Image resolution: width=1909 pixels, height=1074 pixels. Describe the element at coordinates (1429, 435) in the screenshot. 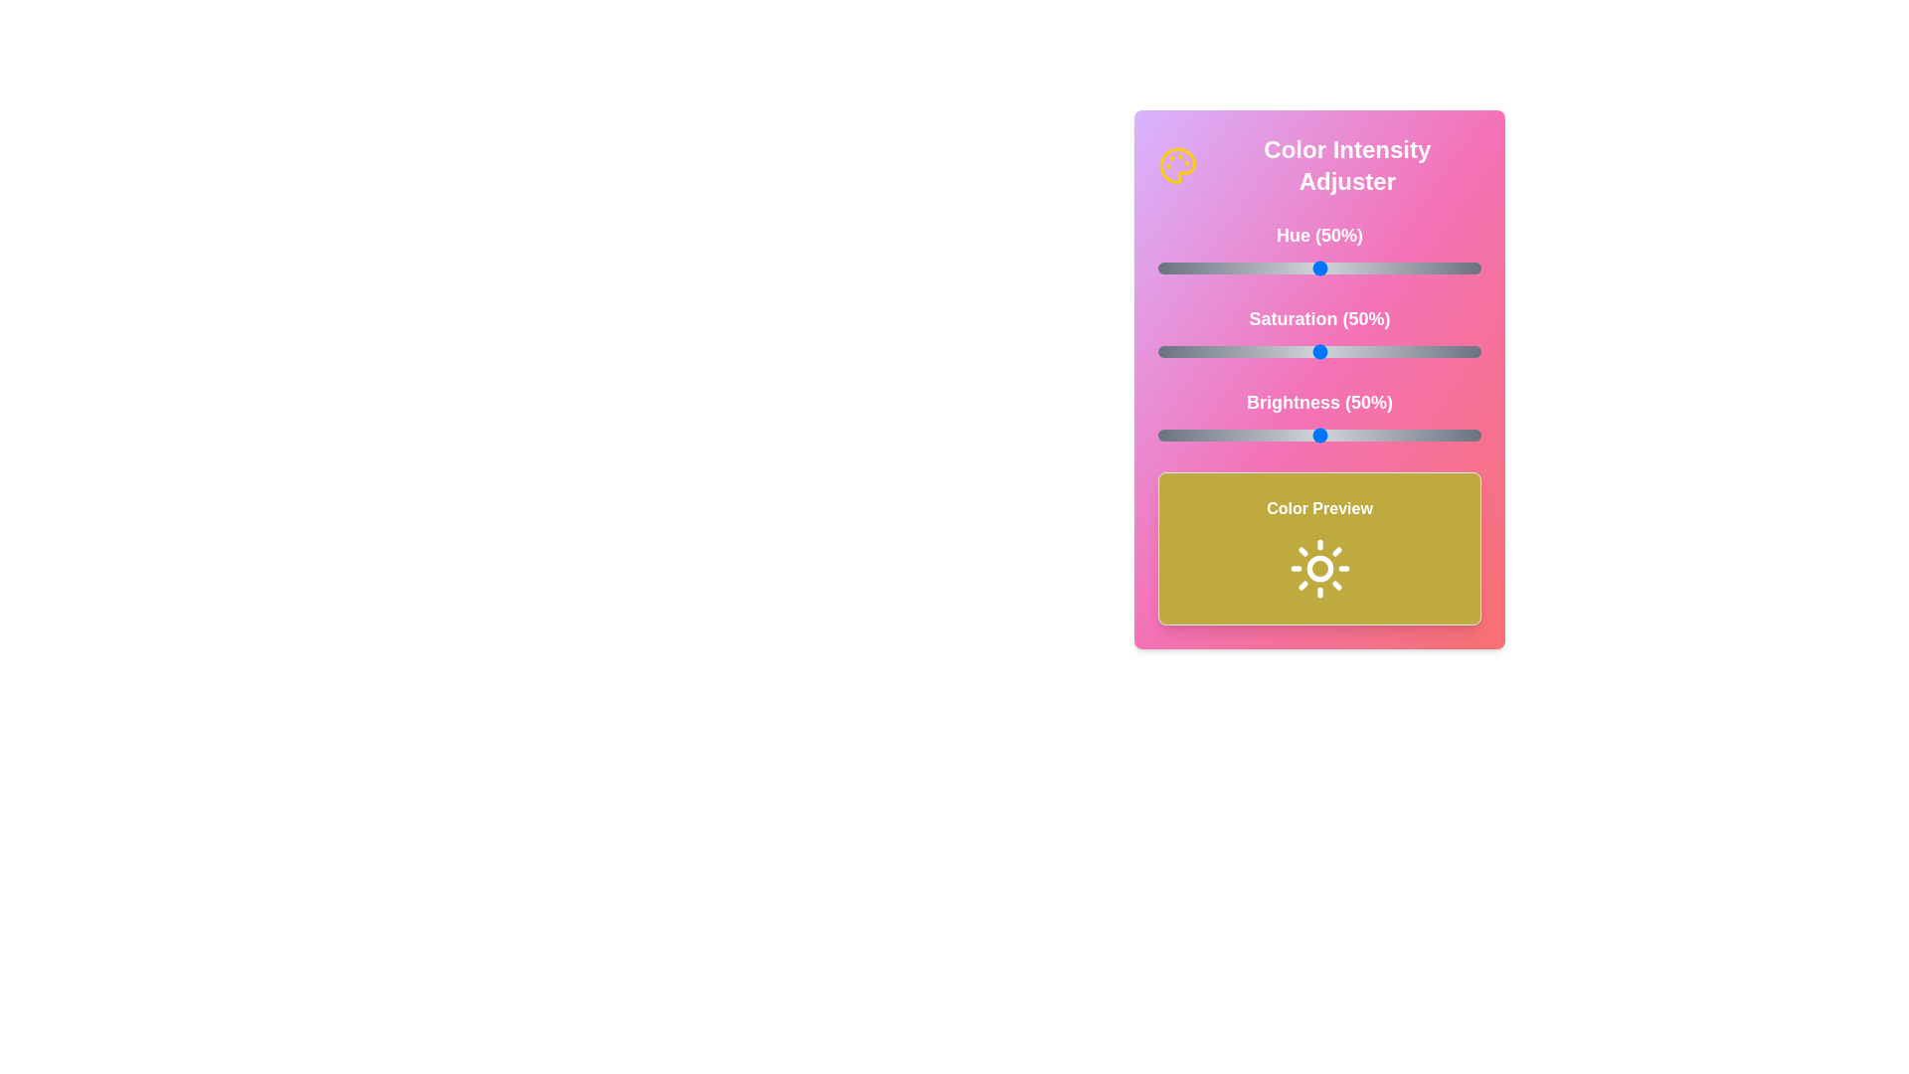

I see `the brightness slider to 84%` at that location.